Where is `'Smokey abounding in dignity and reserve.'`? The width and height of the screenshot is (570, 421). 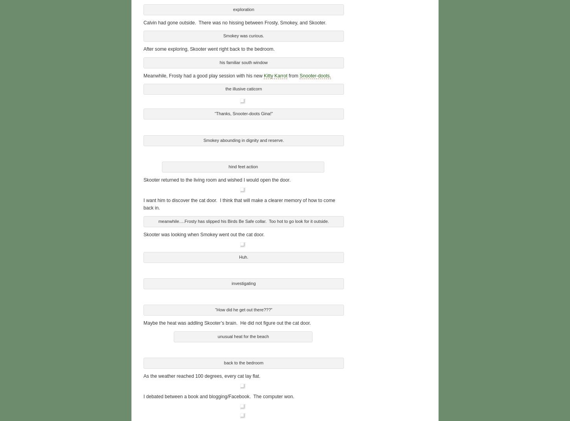 'Smokey abounding in dignity and reserve.' is located at coordinates (203, 138).